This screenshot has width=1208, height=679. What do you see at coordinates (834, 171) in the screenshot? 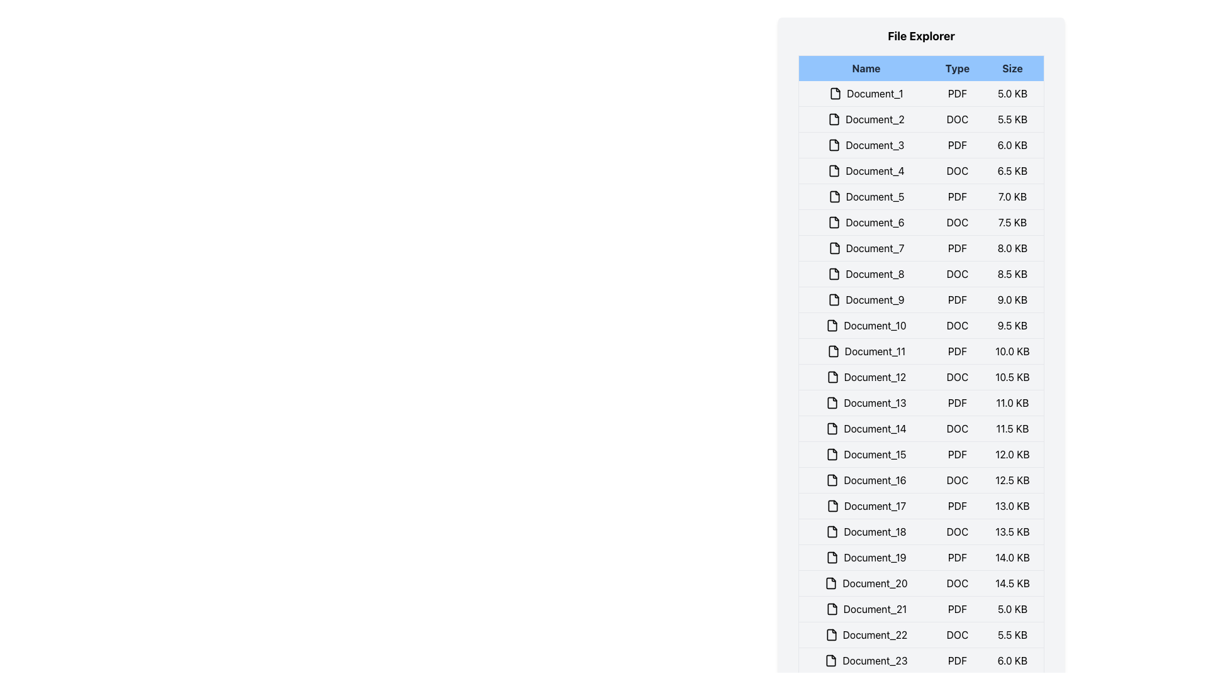
I see `the file icon representing 'Document_4', which is styled with a minimalist design and outlined in black, located to the left of the text in the file explorer interface` at bounding box center [834, 171].